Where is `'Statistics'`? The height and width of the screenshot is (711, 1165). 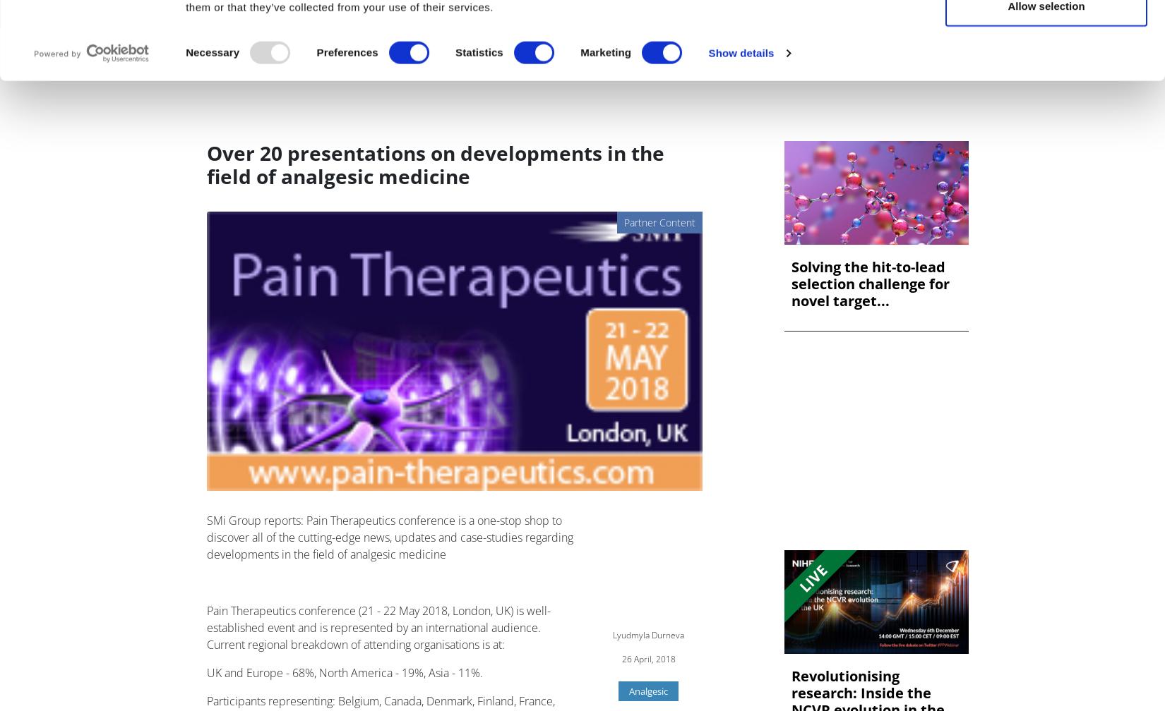
'Statistics' is located at coordinates (478, 129).